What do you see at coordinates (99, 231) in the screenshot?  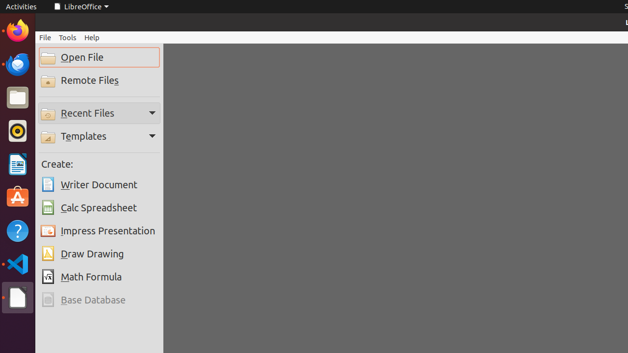 I see `'Impress Presentation'` at bounding box center [99, 231].